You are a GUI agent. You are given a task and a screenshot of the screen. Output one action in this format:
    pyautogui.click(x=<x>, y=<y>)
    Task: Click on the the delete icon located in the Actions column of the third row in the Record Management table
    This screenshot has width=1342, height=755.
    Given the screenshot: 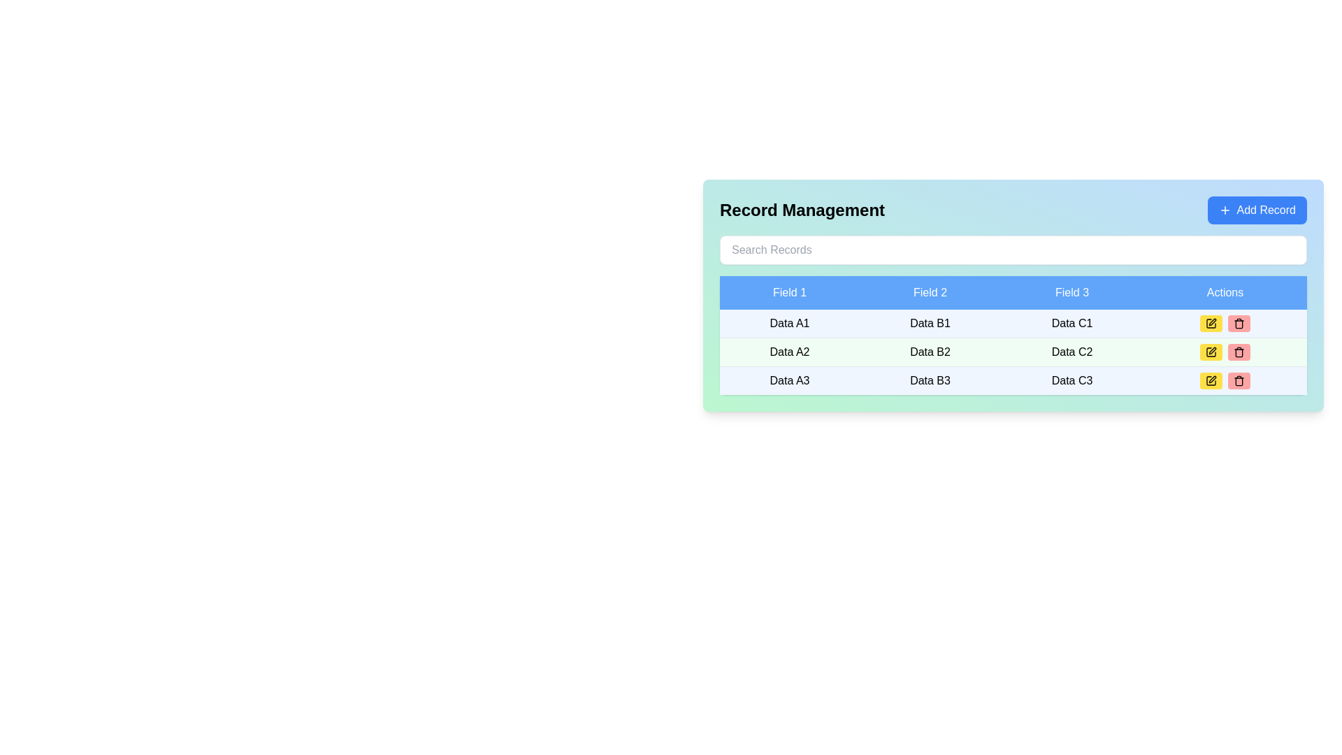 What is the action you would take?
    pyautogui.click(x=1239, y=382)
    